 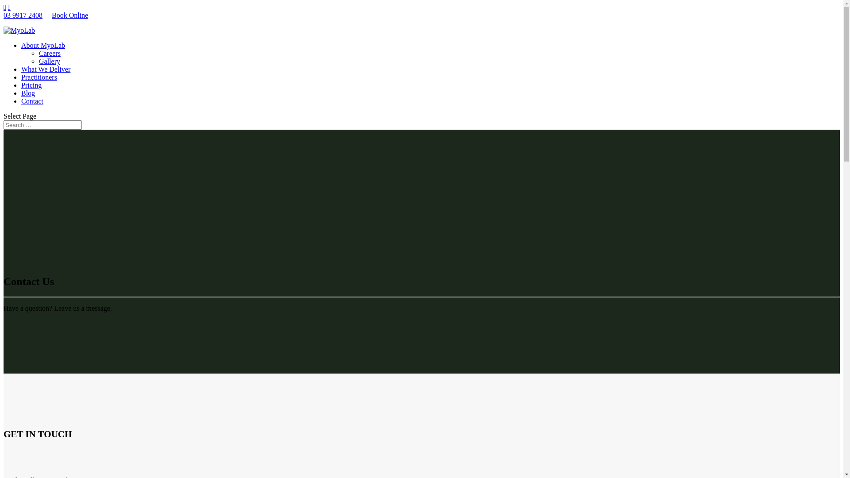 What do you see at coordinates (32, 100) in the screenshot?
I see `'Contact'` at bounding box center [32, 100].